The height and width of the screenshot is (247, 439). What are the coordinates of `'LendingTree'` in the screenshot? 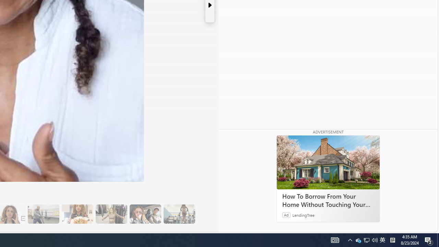 It's located at (303, 214).